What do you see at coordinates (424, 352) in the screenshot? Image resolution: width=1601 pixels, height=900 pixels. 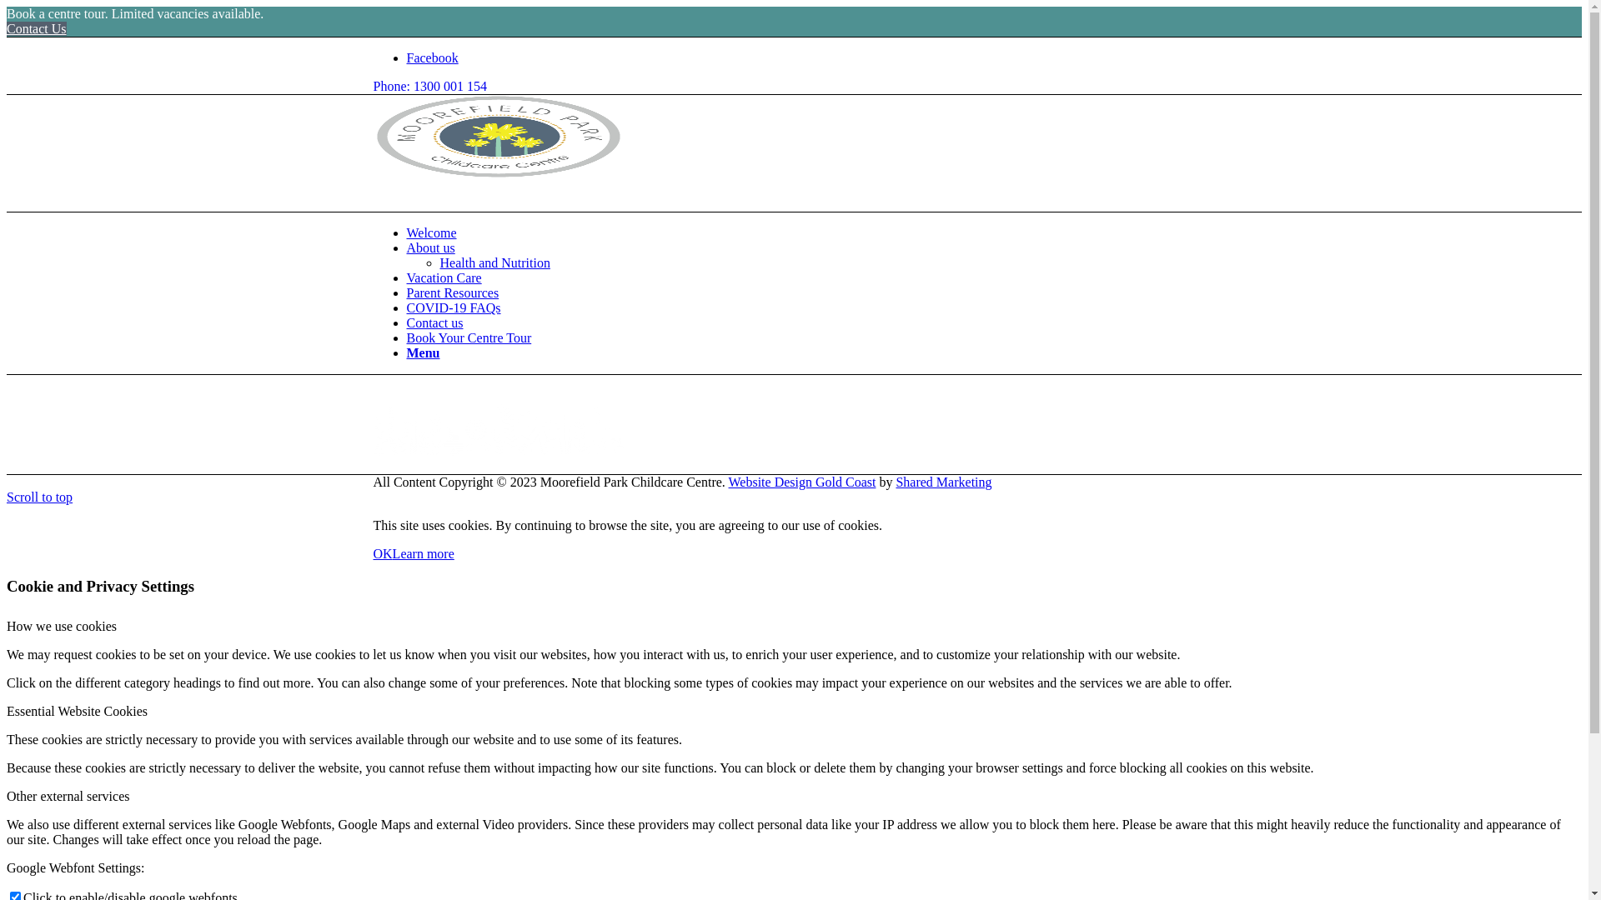 I see `'Menu'` at bounding box center [424, 352].